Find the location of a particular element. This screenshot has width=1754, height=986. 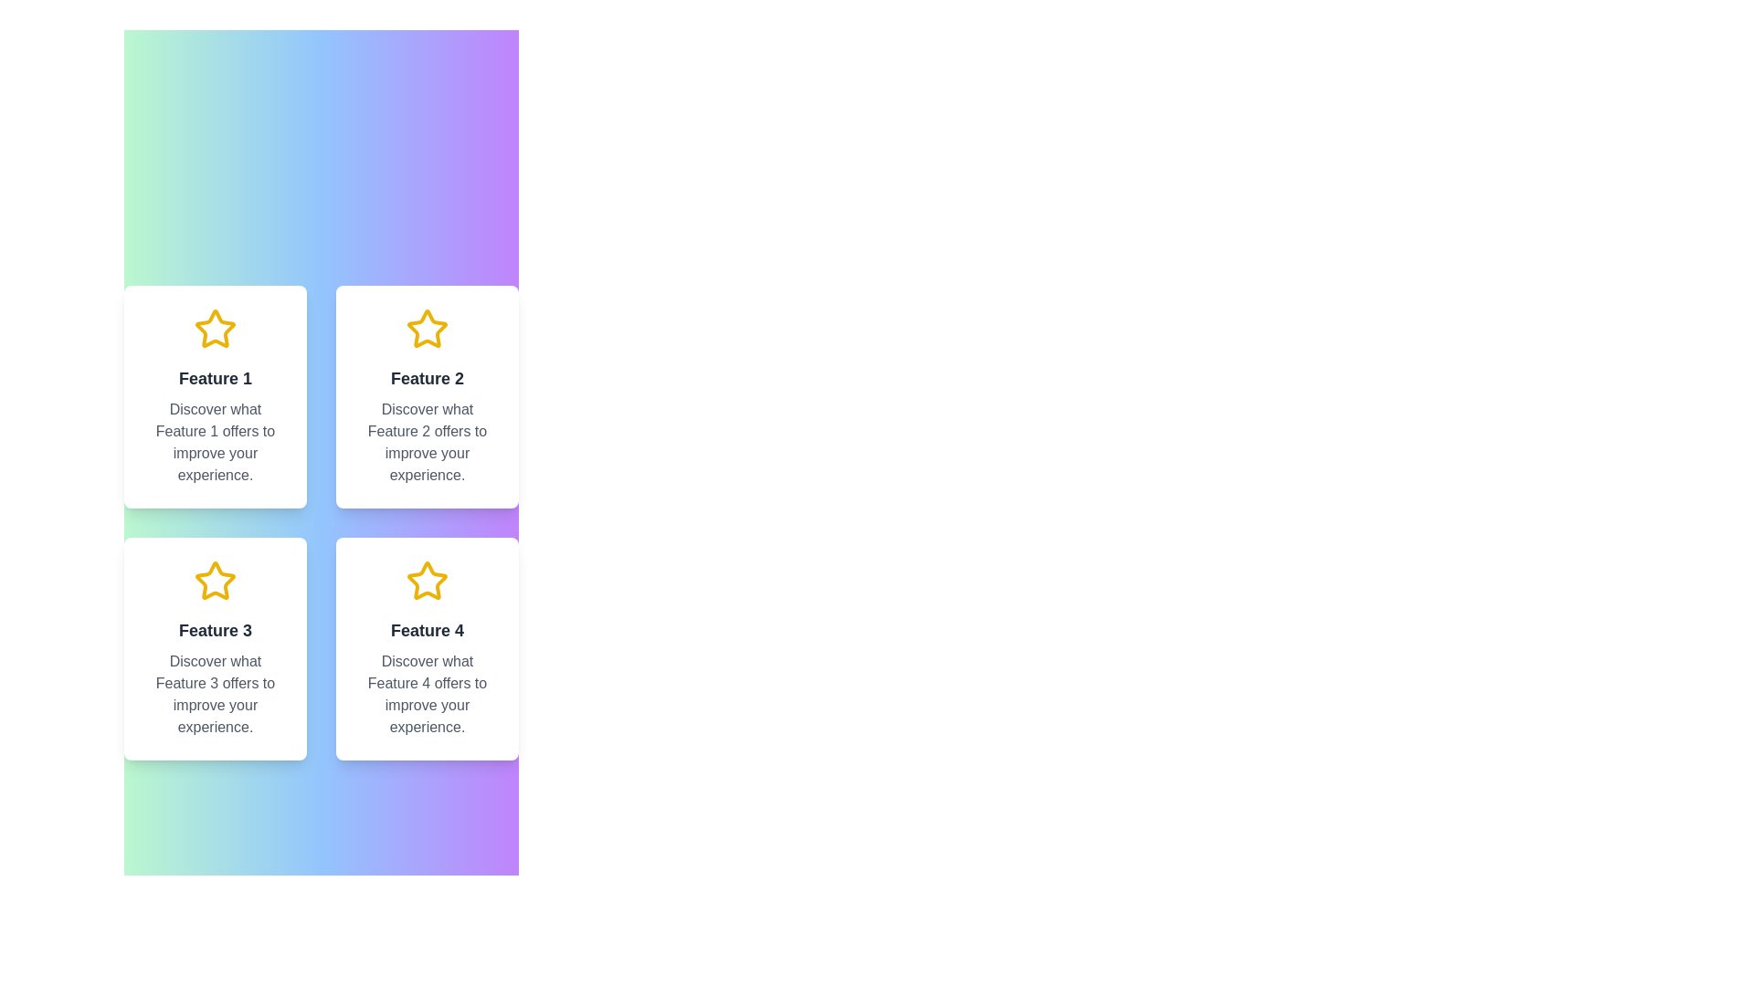

text 'Discover what Feature 2 offers to improve your experience.' located in the center lower part of the second card, below the heading 'Feature 2' is located at coordinates (426, 443).